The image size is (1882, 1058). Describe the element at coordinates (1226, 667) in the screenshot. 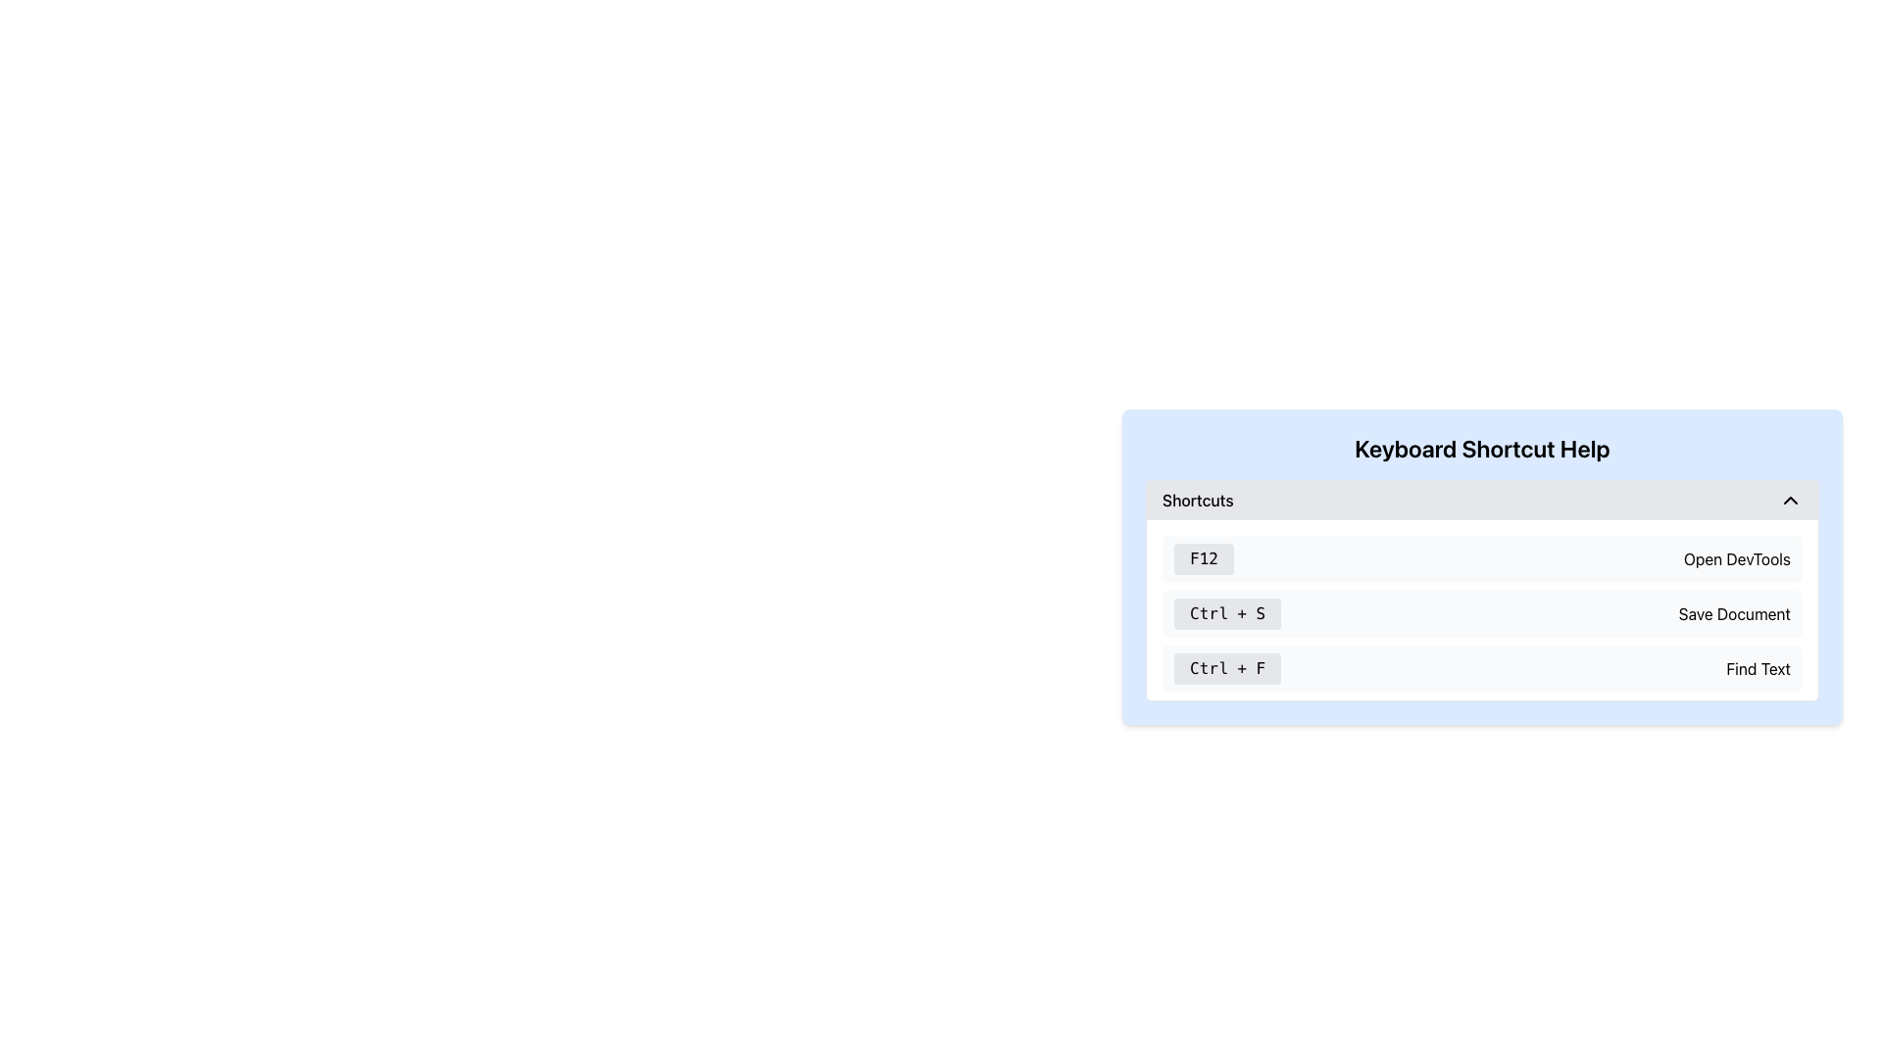

I see `the 'Ctrl + F' button which indicates the 'Find Text' function located in the 'Keyboard Shortcut Help' section` at that location.